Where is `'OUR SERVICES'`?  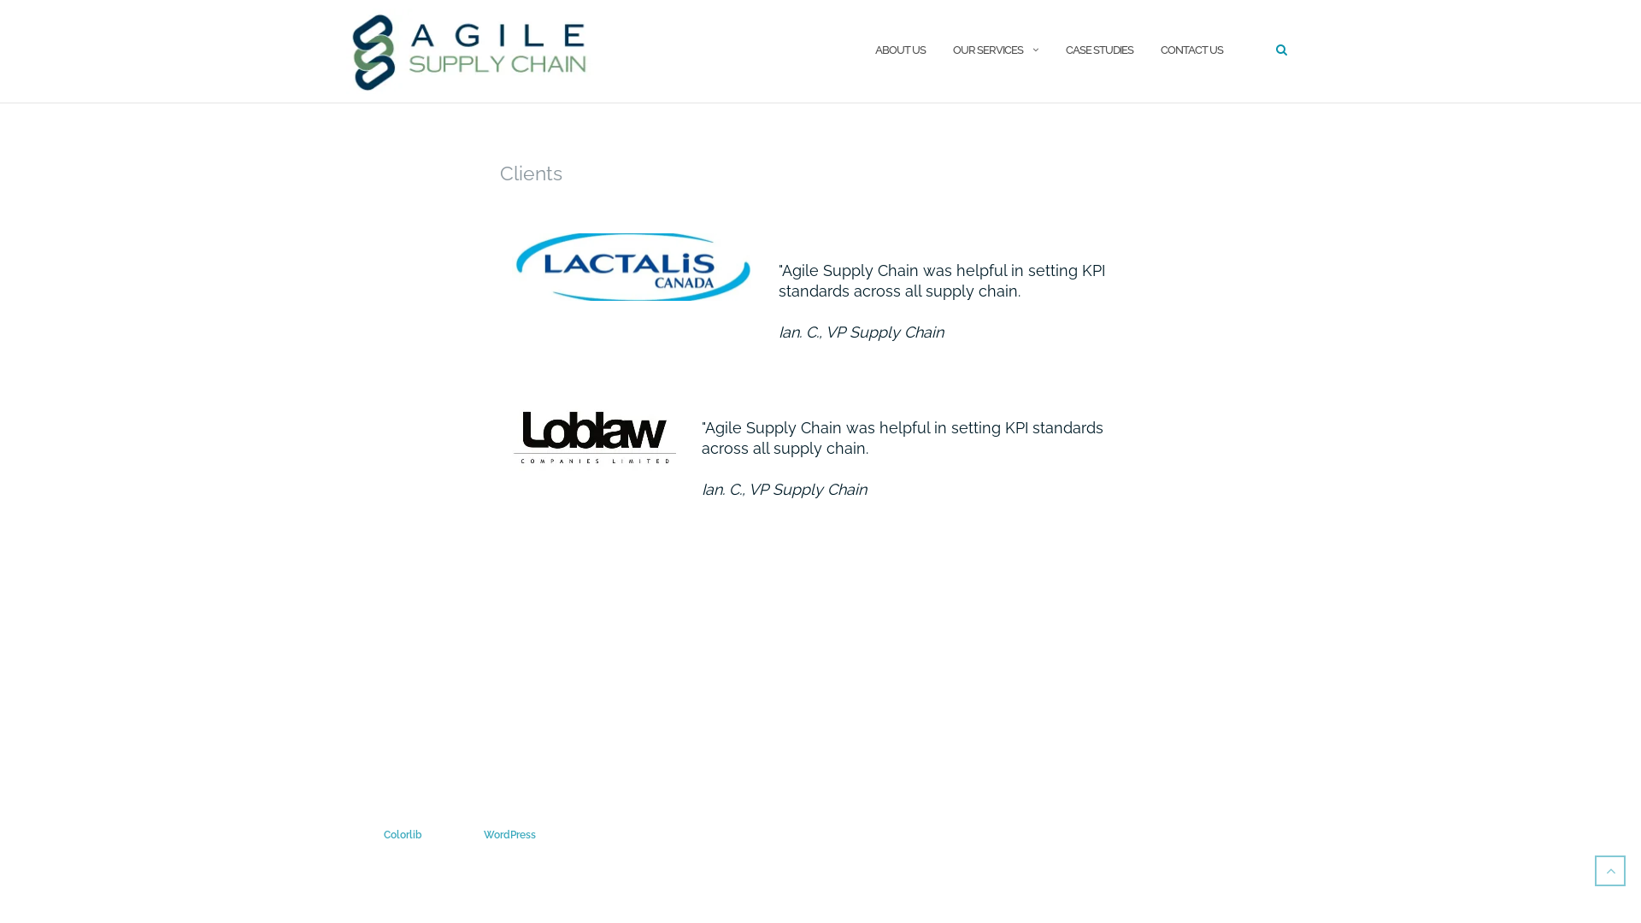
'OUR SERVICES' is located at coordinates (951, 50).